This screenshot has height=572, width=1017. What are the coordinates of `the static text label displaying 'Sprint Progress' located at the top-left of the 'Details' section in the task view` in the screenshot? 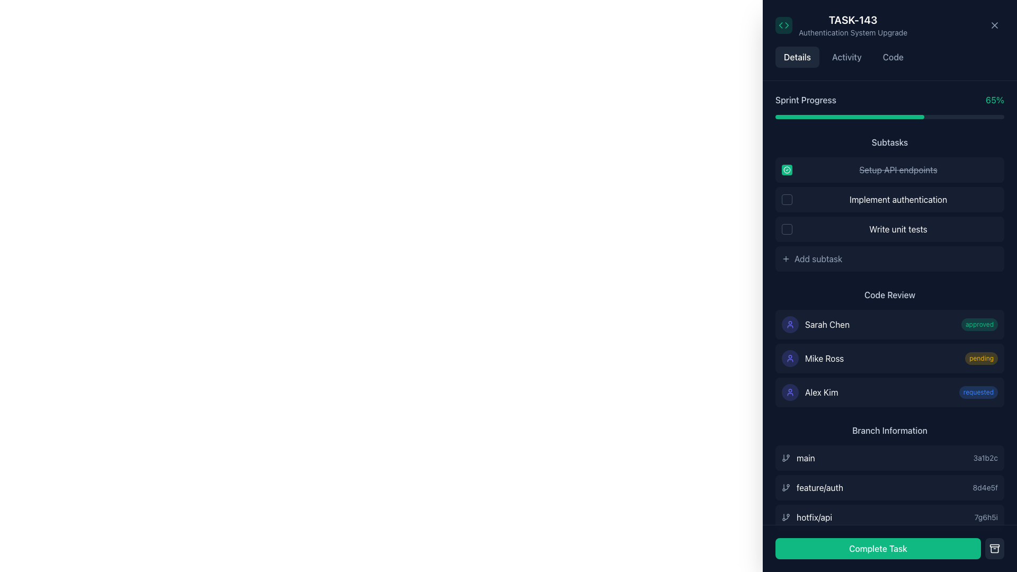 It's located at (805, 100).